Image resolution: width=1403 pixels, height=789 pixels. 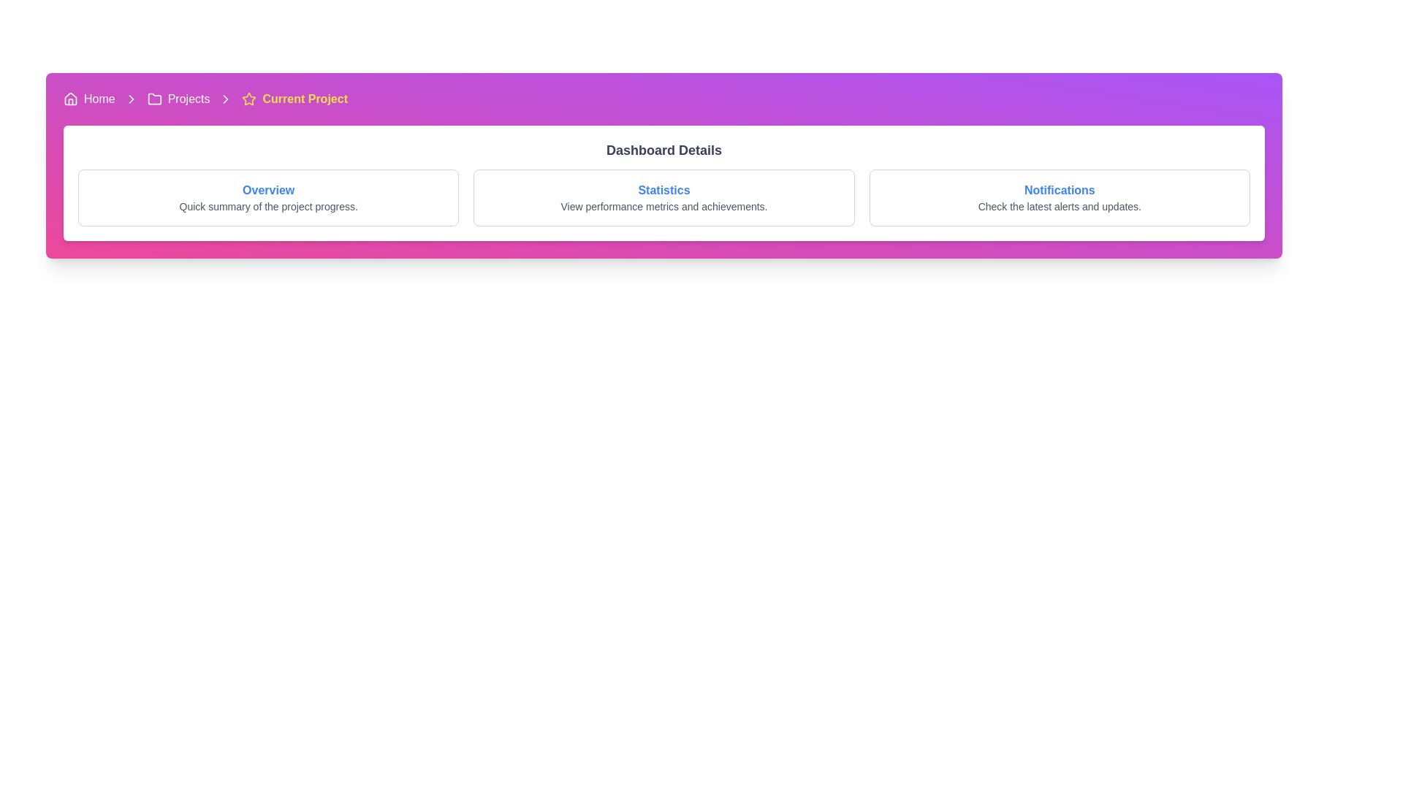 What do you see at coordinates (249, 99) in the screenshot?
I see `the SVG vector graphic icon that indicates the status of the 'Current Project' label in the breadcrumb navigation section` at bounding box center [249, 99].